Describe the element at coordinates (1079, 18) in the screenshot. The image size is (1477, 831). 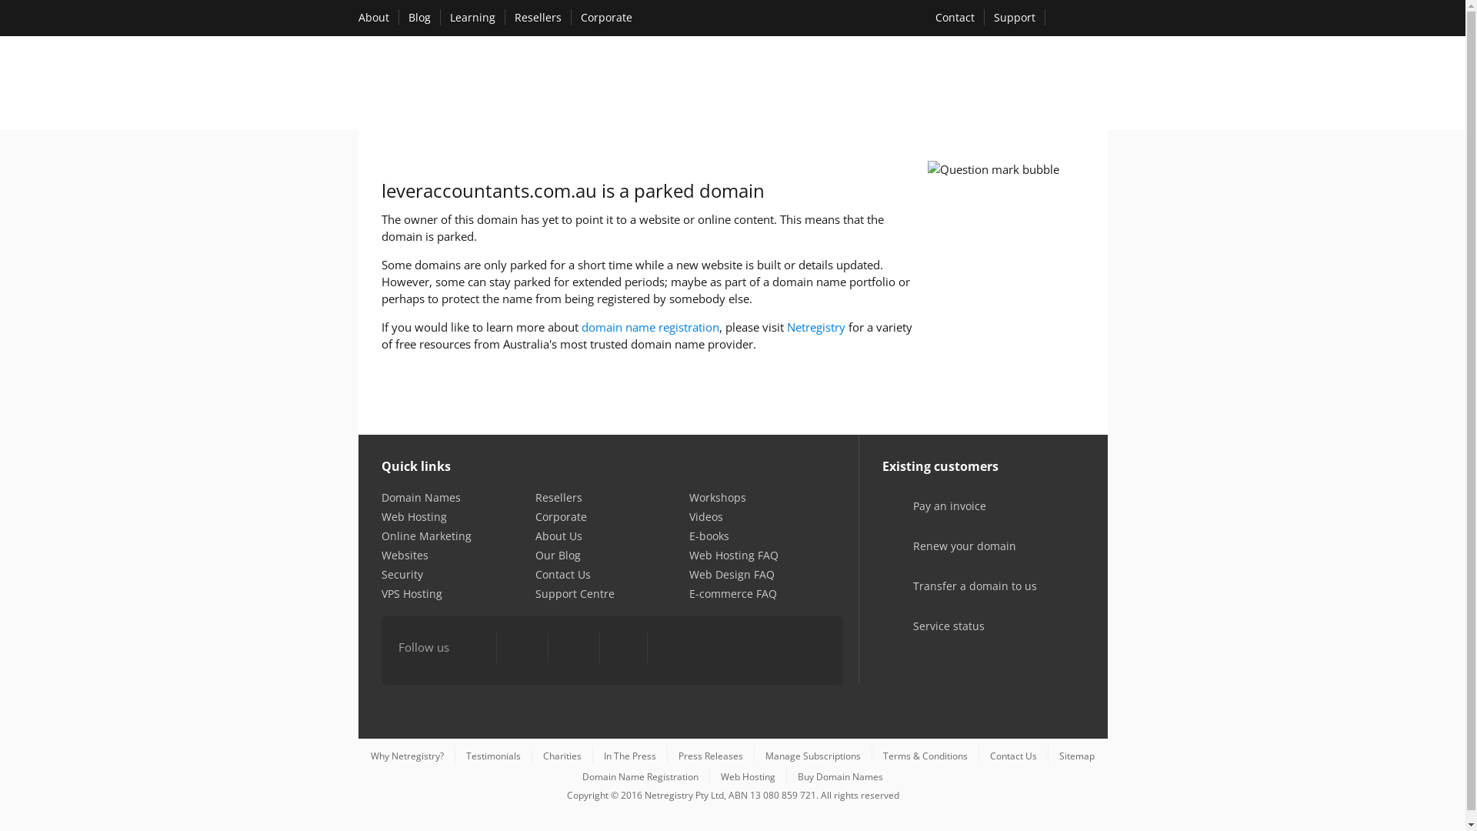
I see `'Login'` at that location.